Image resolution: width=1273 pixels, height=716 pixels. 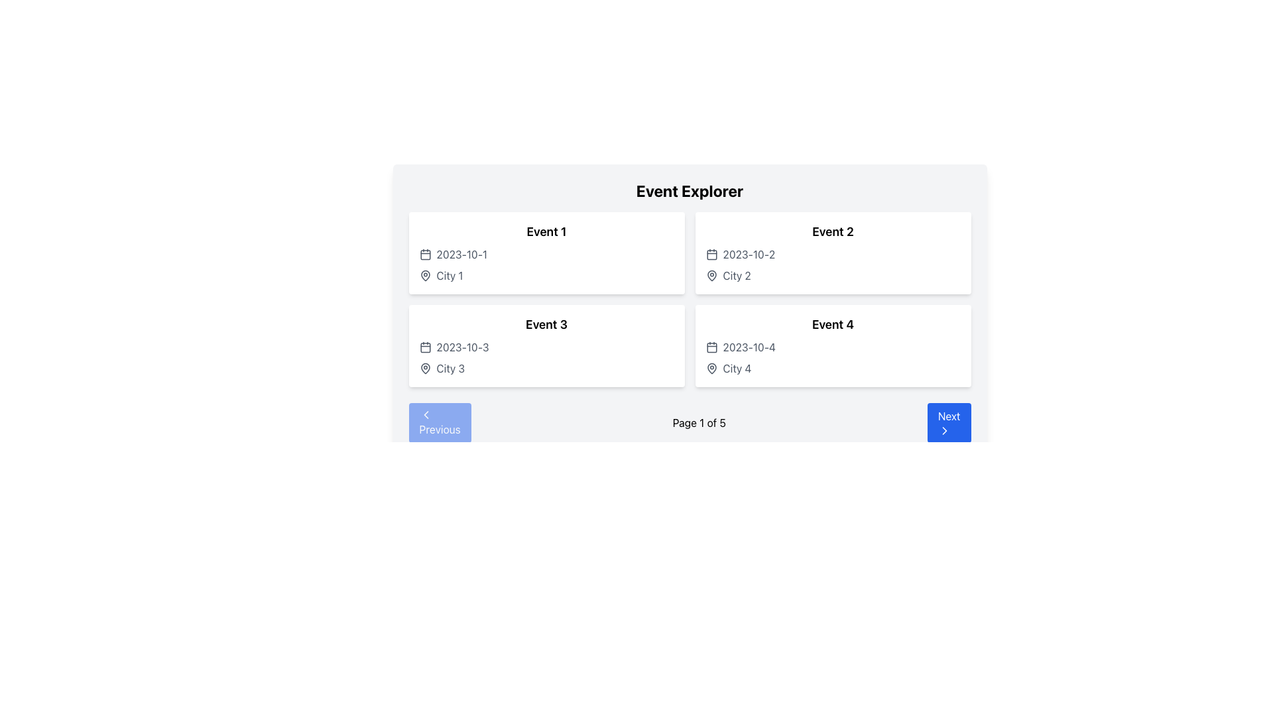 What do you see at coordinates (832, 345) in the screenshot?
I see `the interactive icons within the Card that provides information about 'Event 4', located in the second column of the second row of the grid layout` at bounding box center [832, 345].